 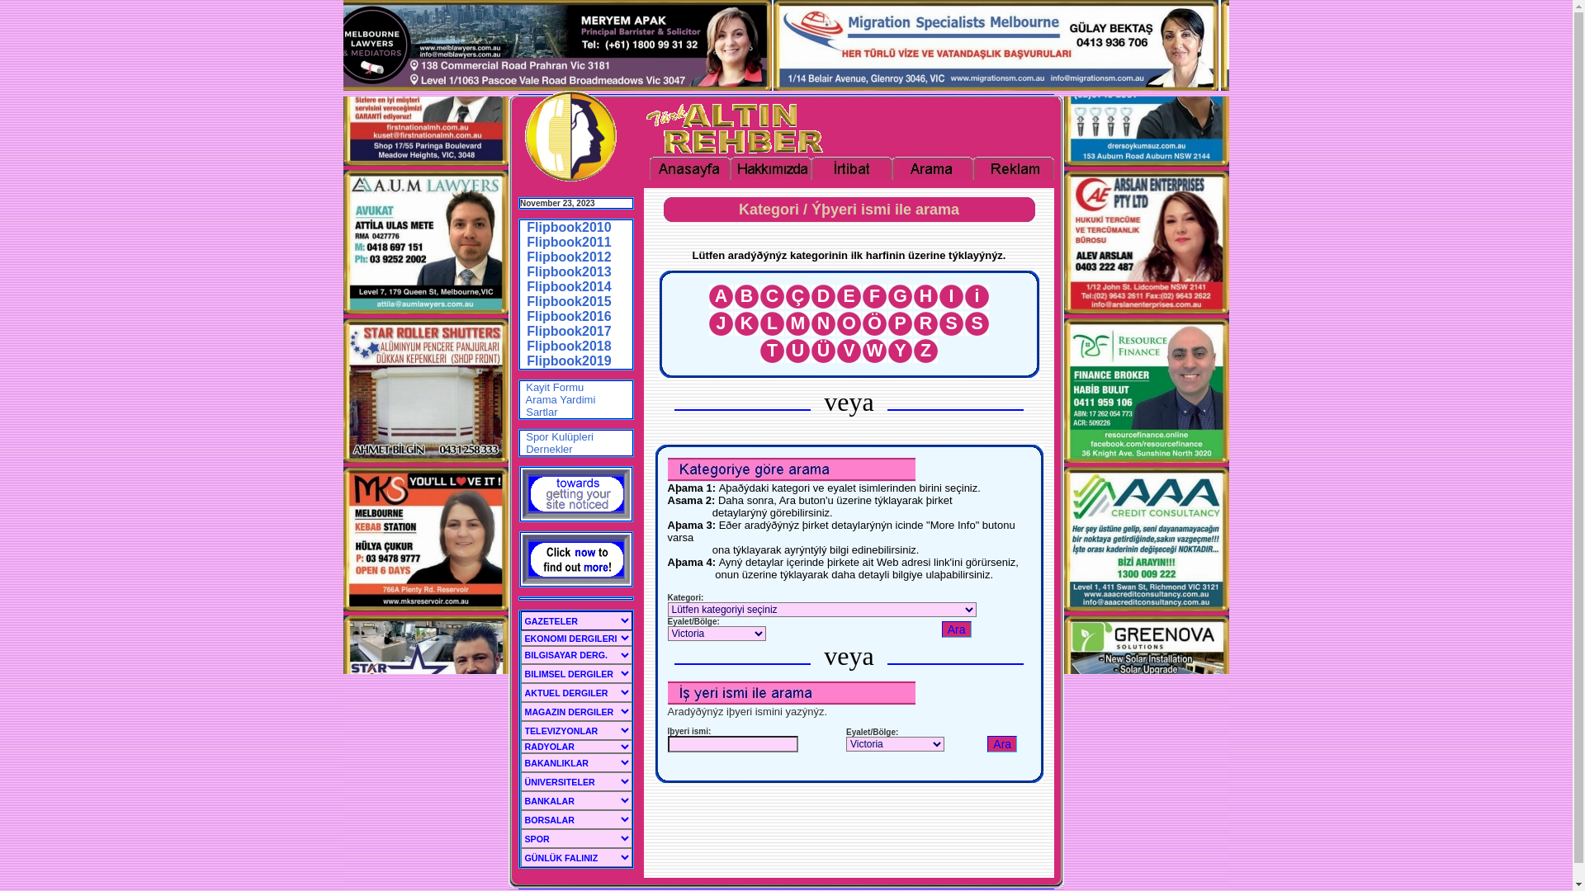 I want to click on 'H', so click(x=918, y=299).